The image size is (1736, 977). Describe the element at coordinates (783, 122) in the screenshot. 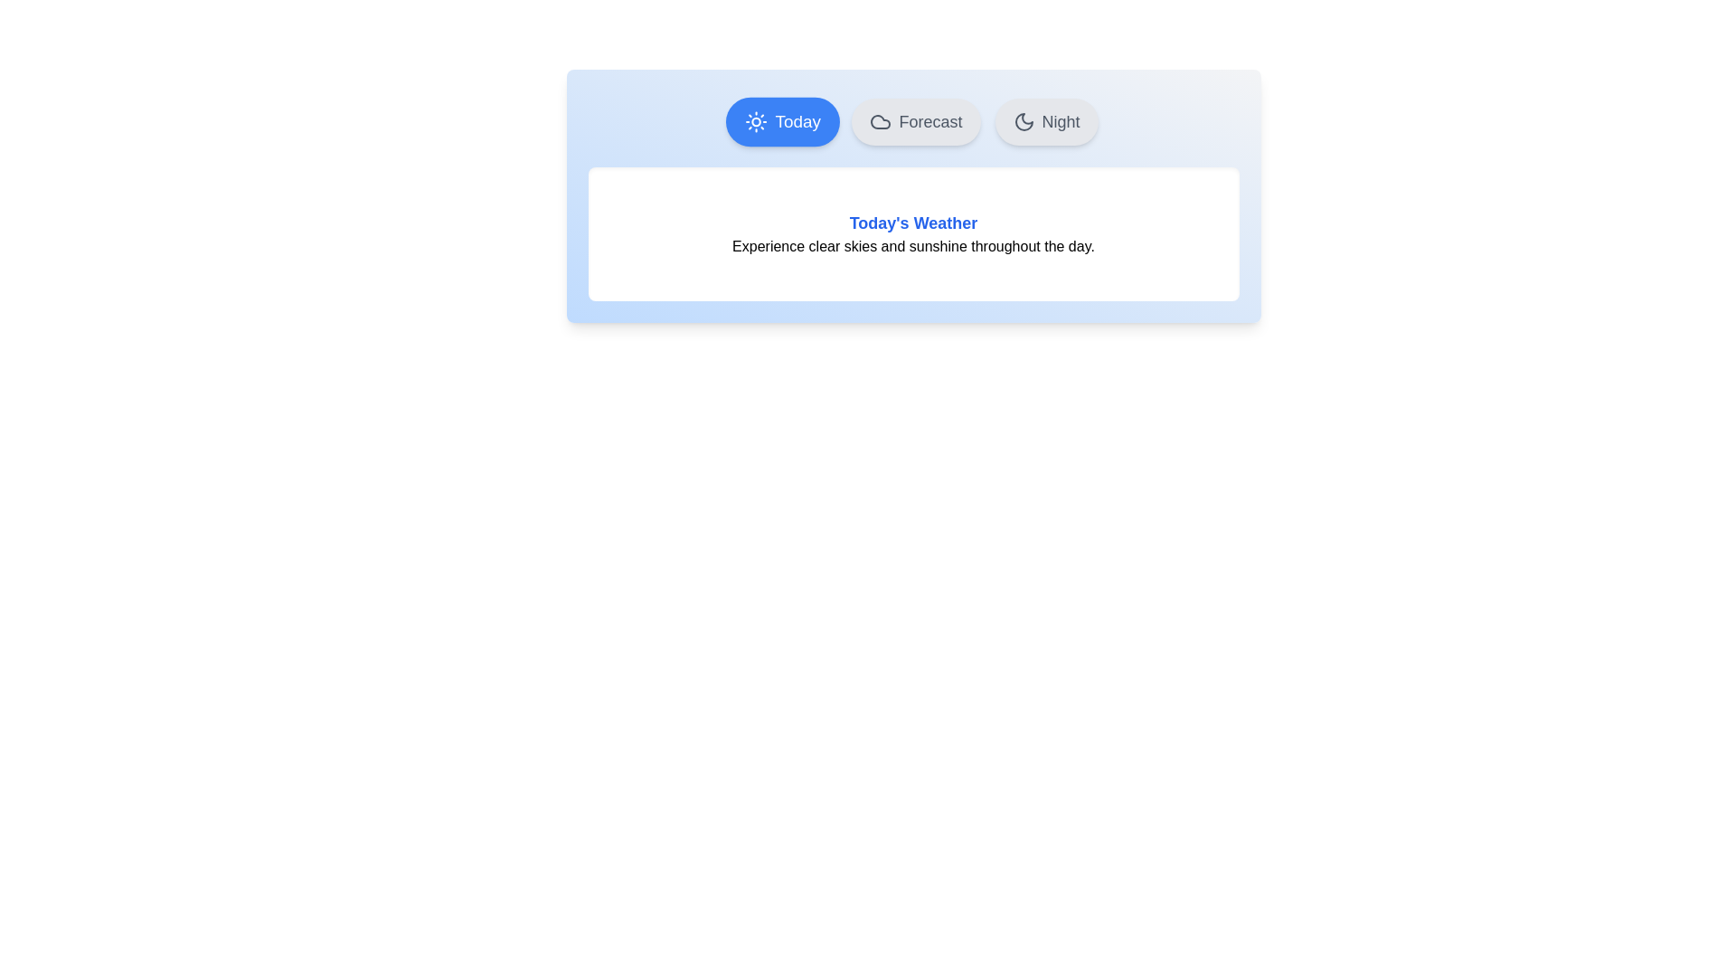

I see `the Today tab by clicking on it` at that location.